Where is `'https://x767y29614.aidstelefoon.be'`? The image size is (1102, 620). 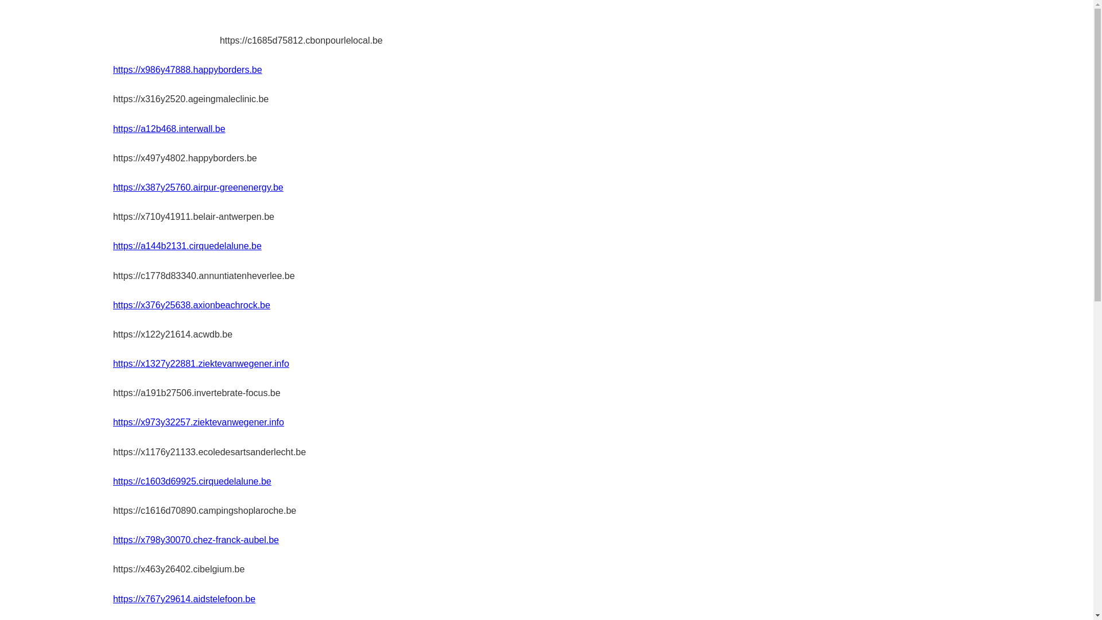 'https://x767y29614.aidstelefoon.be' is located at coordinates (184, 598).